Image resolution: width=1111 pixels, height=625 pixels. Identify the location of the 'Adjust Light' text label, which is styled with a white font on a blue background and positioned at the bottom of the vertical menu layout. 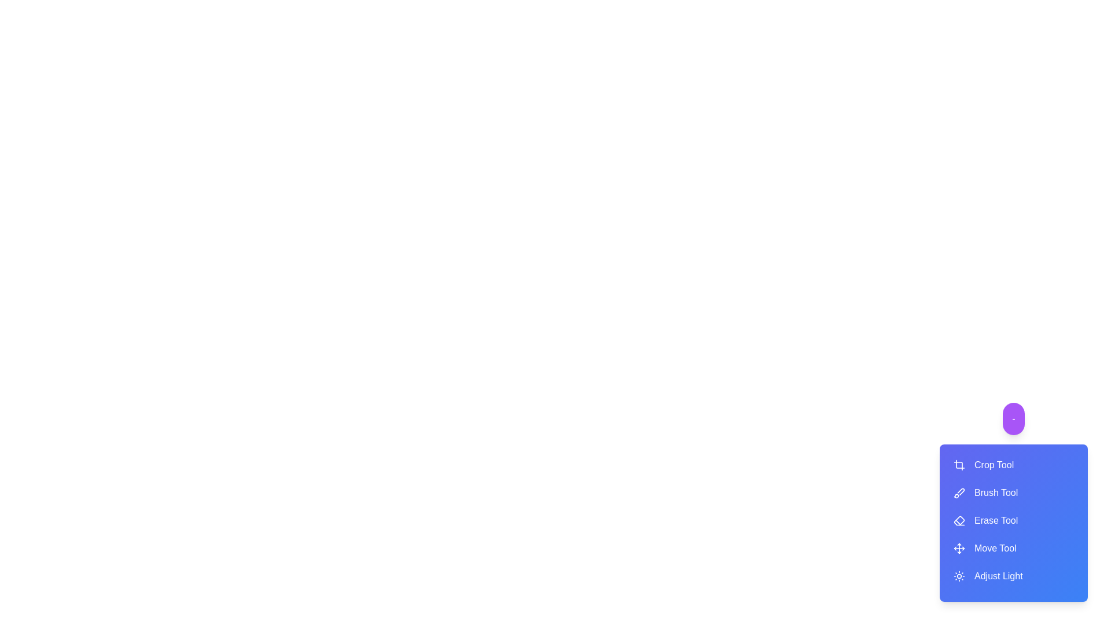
(998, 576).